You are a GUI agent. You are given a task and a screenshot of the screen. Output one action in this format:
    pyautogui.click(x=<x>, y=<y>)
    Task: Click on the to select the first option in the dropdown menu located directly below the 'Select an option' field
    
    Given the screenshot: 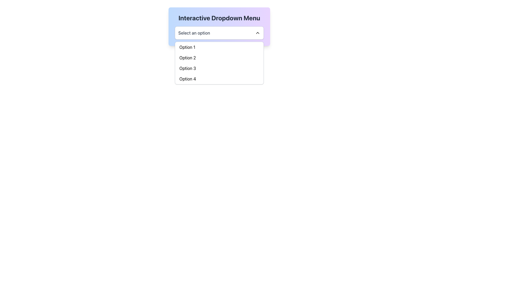 What is the action you would take?
    pyautogui.click(x=219, y=47)
    